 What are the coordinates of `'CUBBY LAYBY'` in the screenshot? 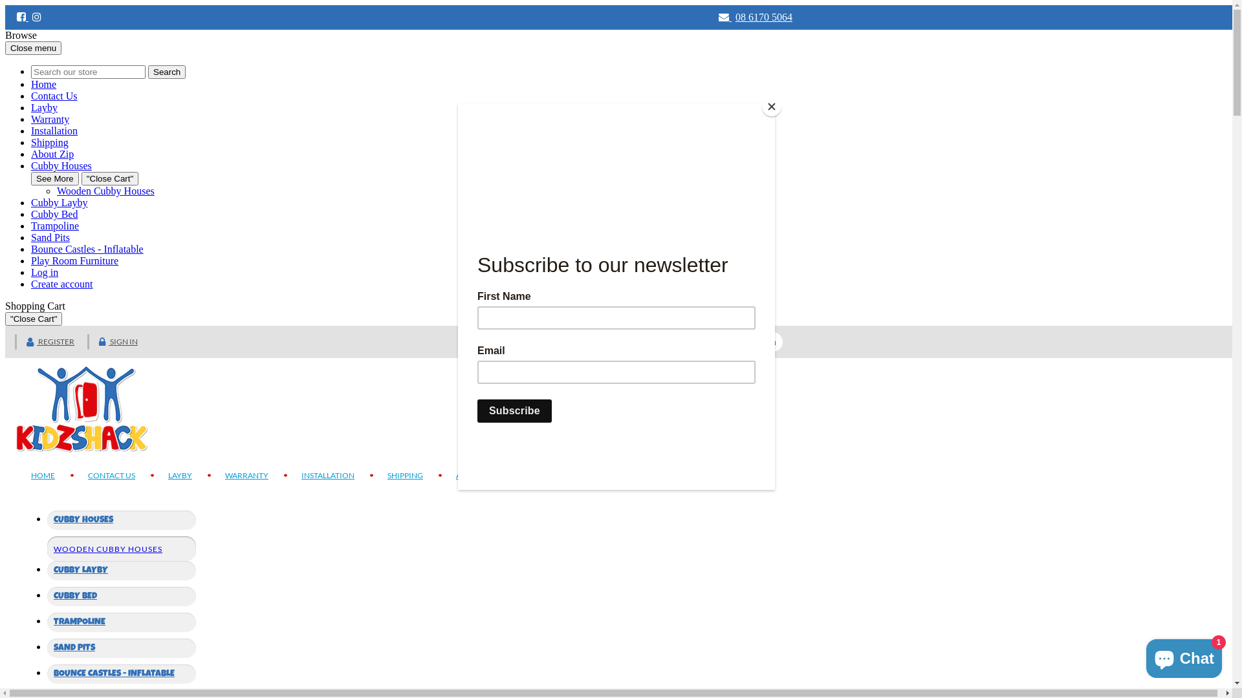 It's located at (121, 570).